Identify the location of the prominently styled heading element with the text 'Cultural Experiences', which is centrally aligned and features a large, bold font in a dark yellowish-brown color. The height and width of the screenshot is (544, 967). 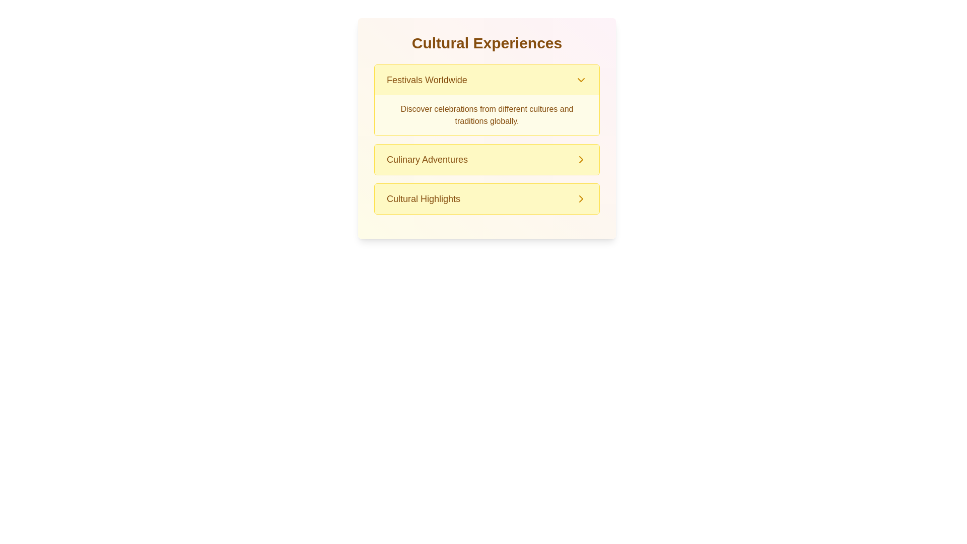
(487, 42).